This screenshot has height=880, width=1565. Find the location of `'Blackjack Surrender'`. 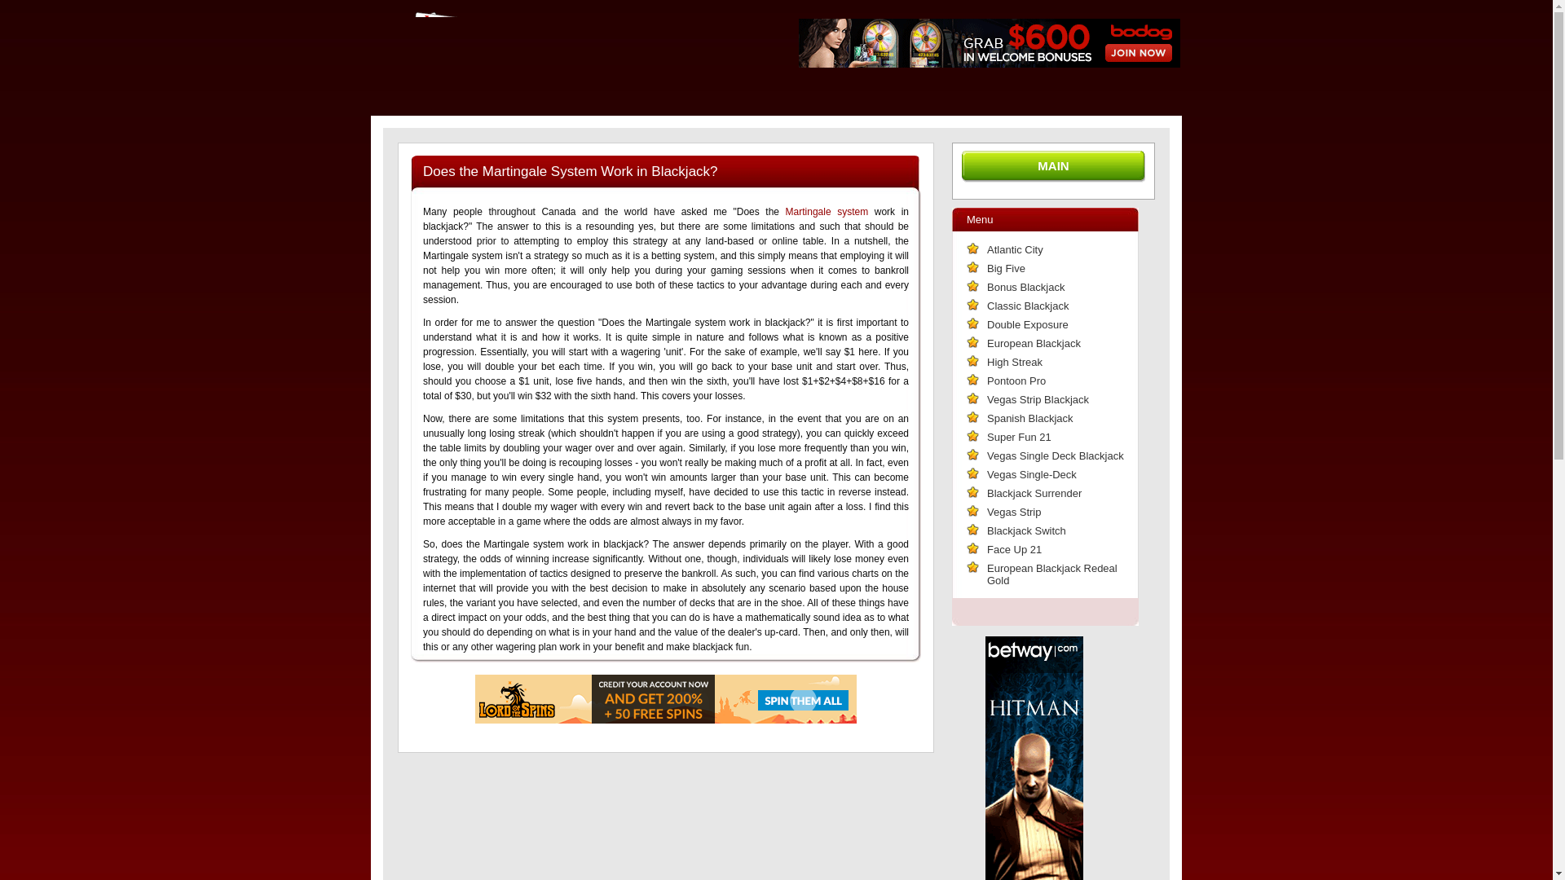

'Blackjack Surrender' is located at coordinates (985, 492).